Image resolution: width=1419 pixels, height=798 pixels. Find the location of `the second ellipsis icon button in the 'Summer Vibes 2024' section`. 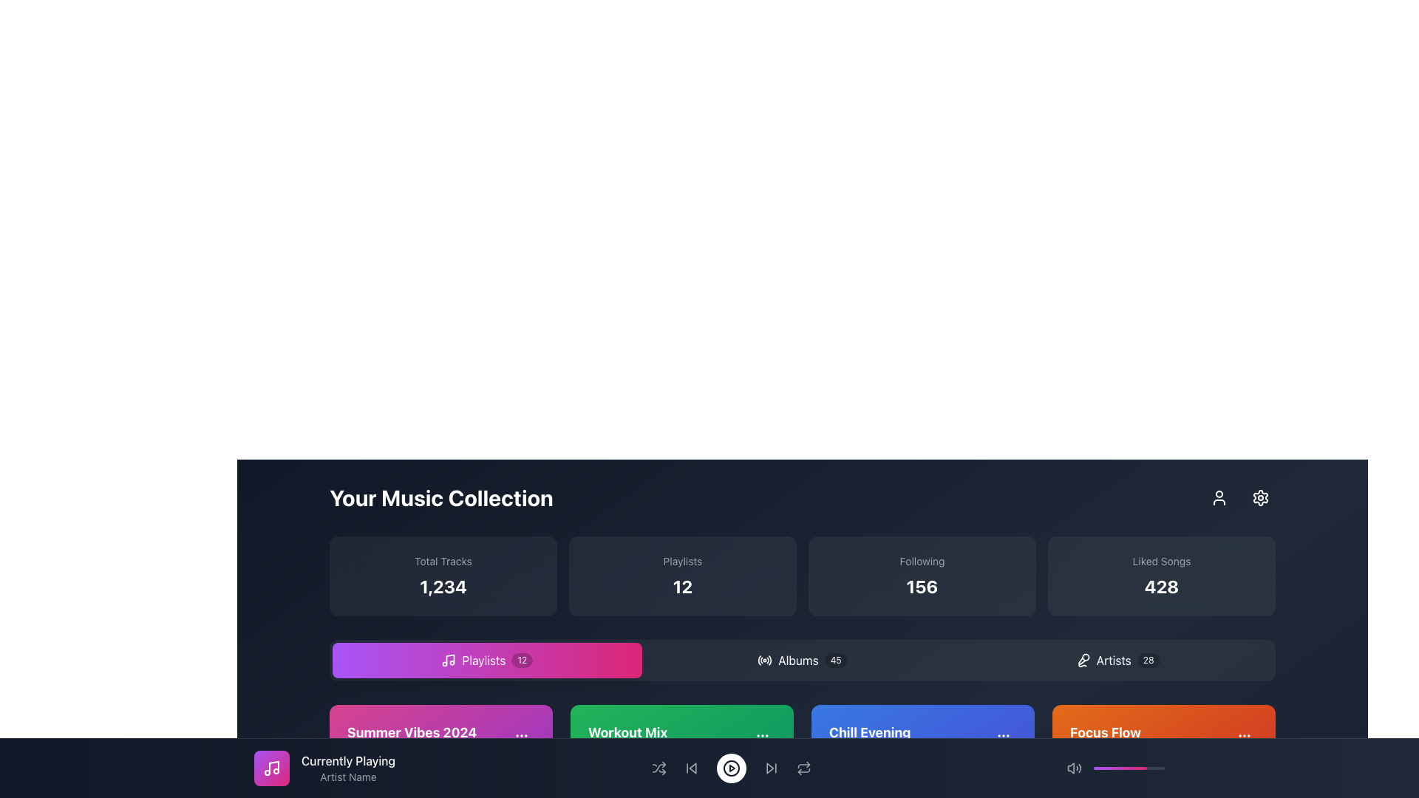

the second ellipsis icon button in the 'Summer Vibes 2024' section is located at coordinates (521, 735).